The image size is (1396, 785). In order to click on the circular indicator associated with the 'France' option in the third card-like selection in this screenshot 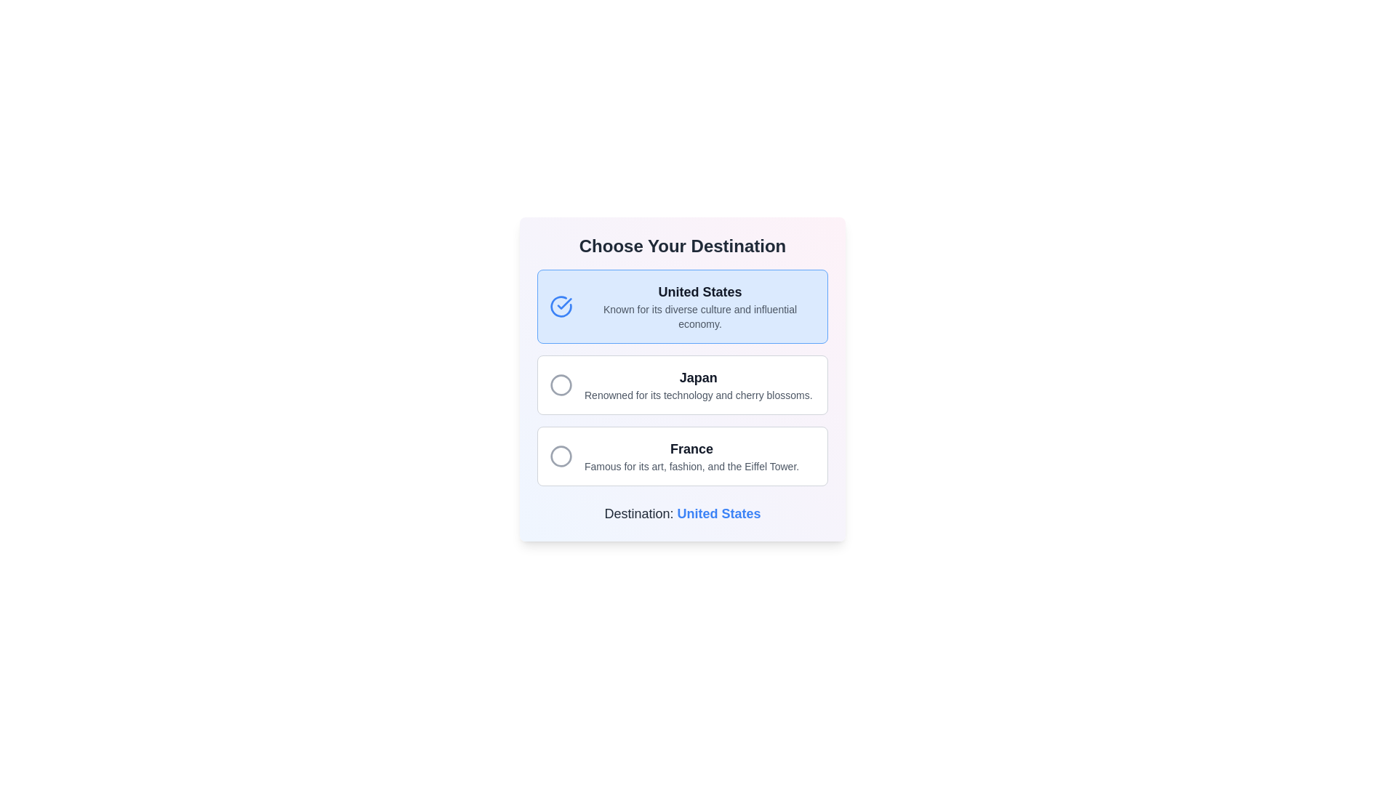, I will do `click(566, 456)`.